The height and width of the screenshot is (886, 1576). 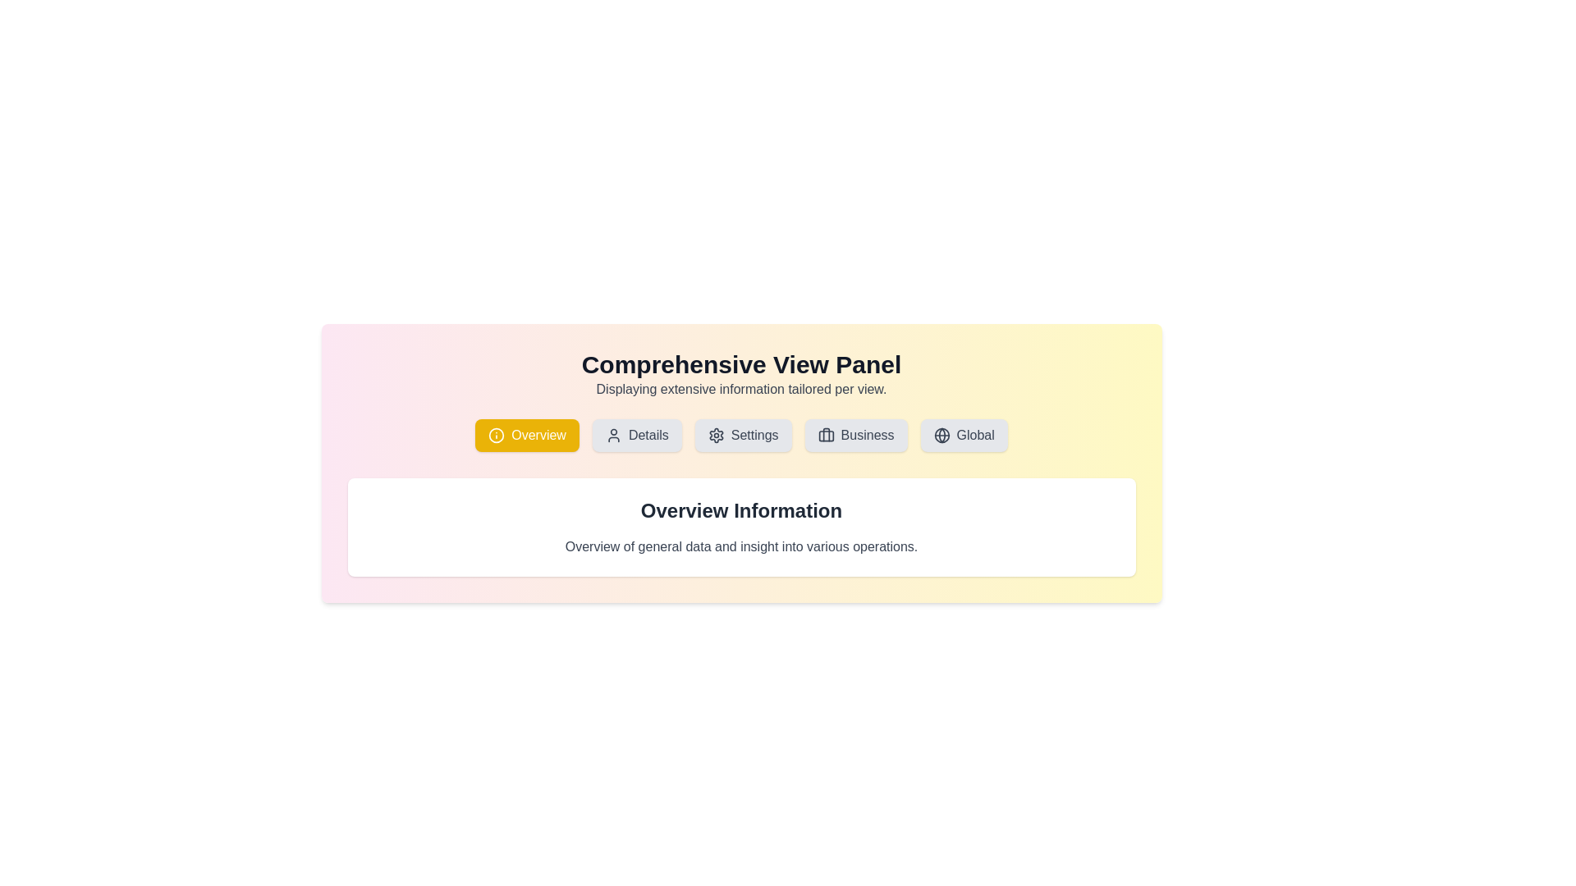 I want to click on the yellow icon (SVG element) on the left side of the 'Overview' button, which is under the 'Comprehensive View Panel' header, so click(x=496, y=435).